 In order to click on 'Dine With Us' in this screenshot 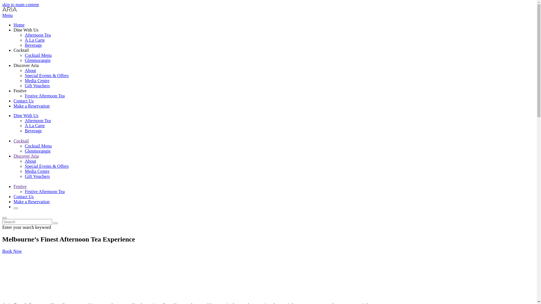, I will do `click(25, 115)`.